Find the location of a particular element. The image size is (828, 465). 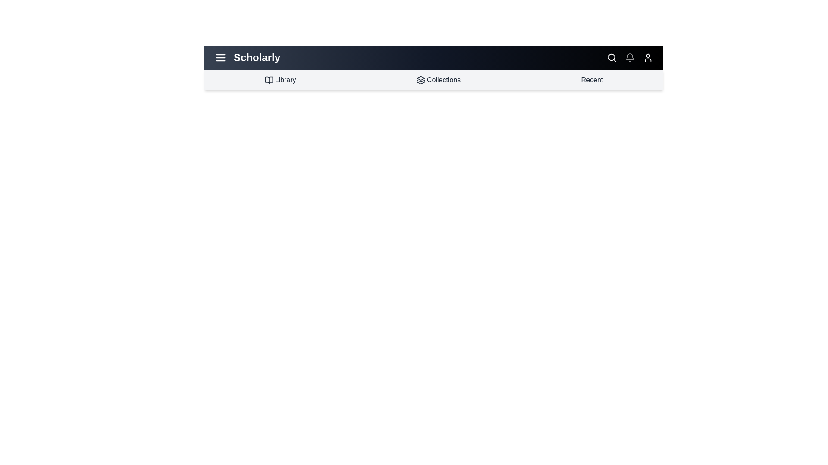

the menu icon to toggle the menu is located at coordinates (221, 58).